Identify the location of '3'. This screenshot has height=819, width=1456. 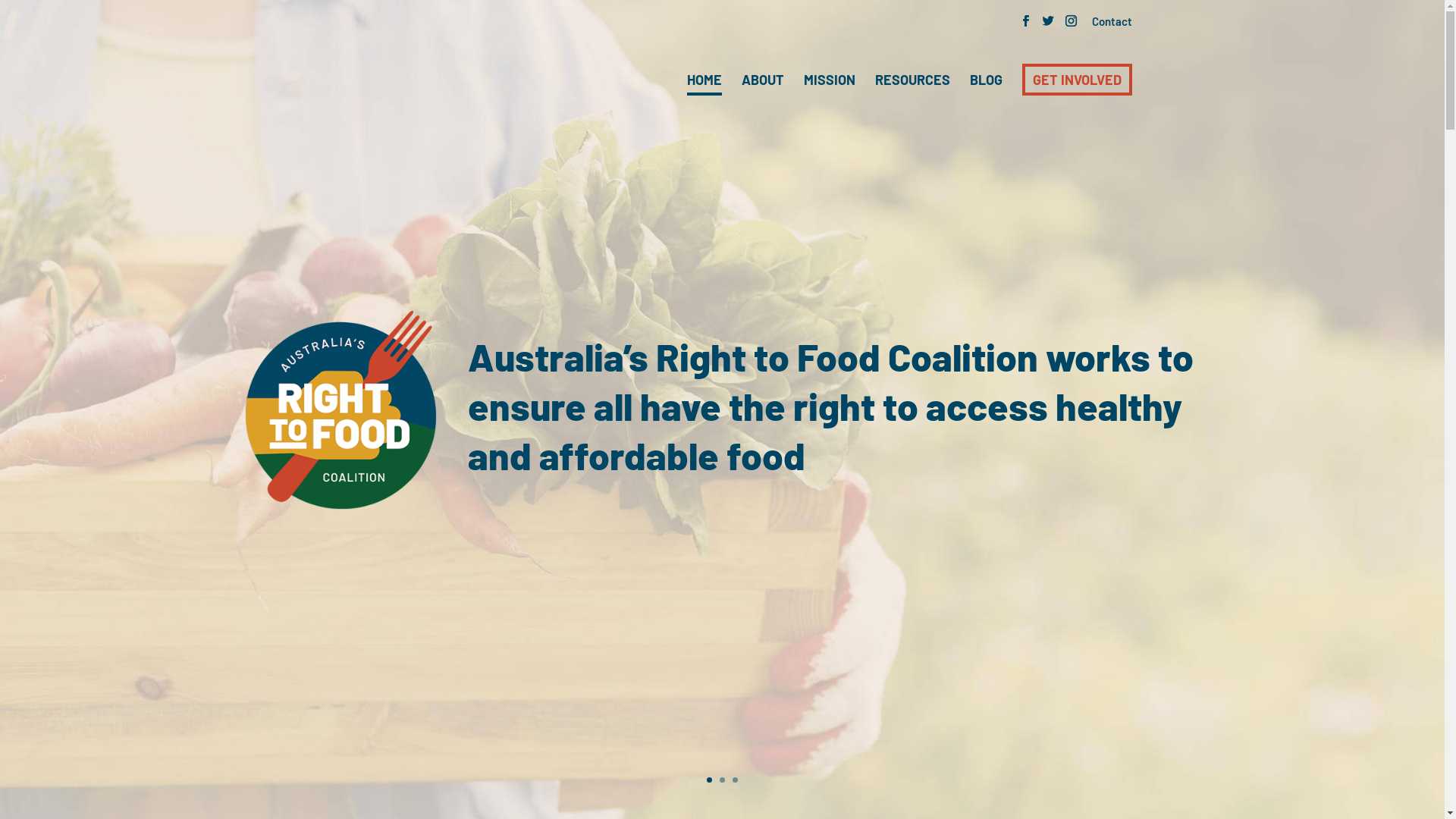
(735, 780).